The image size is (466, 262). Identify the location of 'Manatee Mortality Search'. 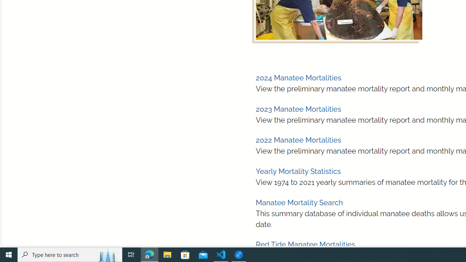
(299, 202).